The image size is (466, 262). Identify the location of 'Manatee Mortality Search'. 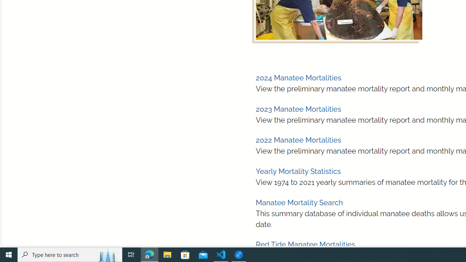
(299, 202).